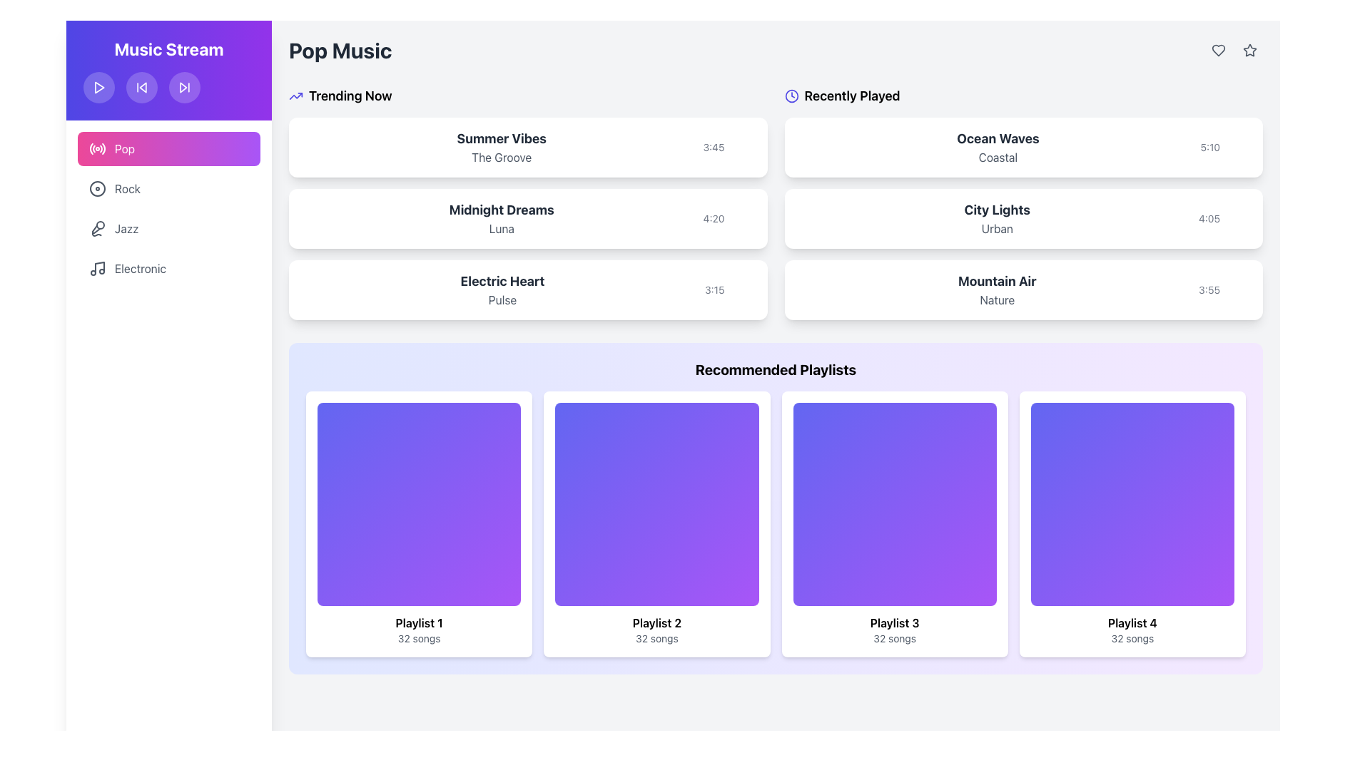 This screenshot has height=770, width=1370. What do you see at coordinates (1023, 203) in the screenshot?
I see `the list item titled 'City Lights' in the 'Recently Played' section` at bounding box center [1023, 203].